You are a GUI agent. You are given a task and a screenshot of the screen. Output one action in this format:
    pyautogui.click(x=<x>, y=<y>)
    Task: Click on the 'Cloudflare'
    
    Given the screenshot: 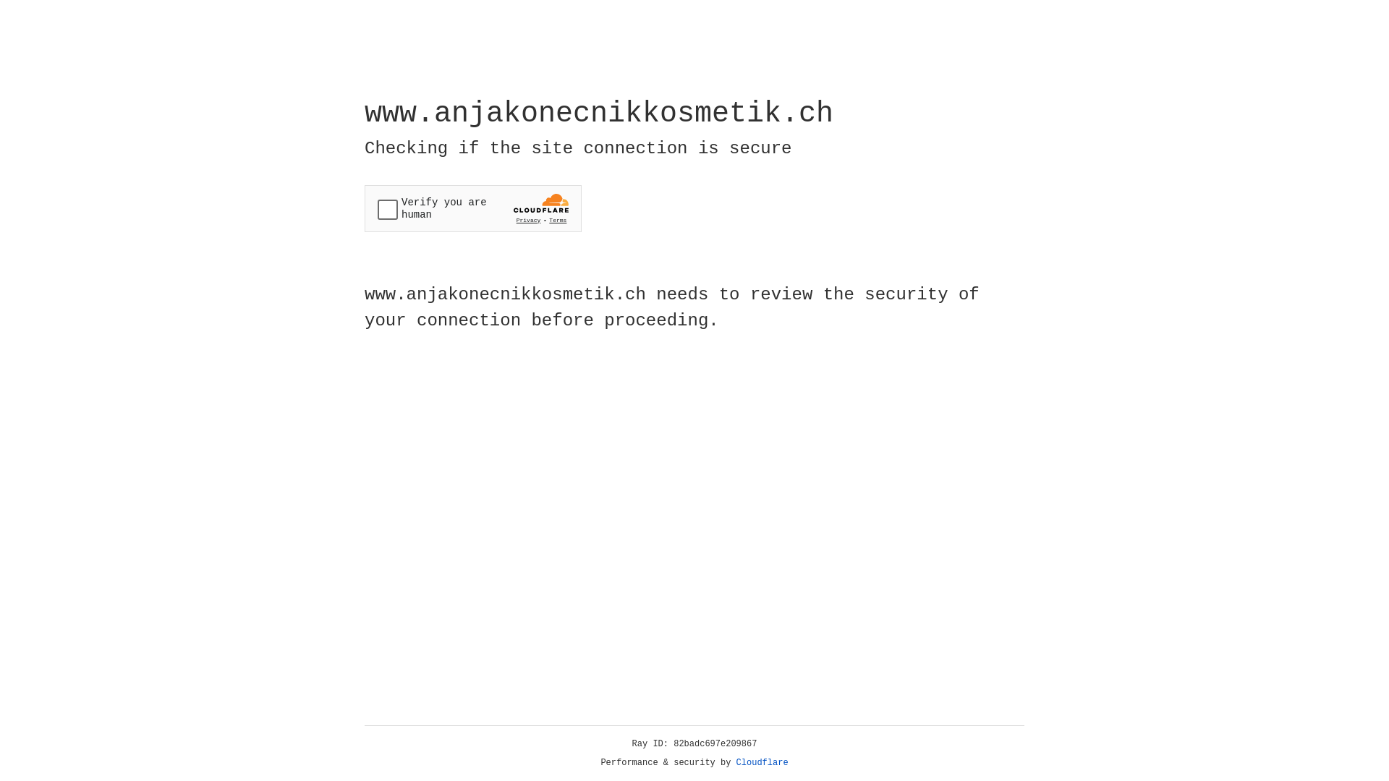 What is the action you would take?
    pyautogui.click(x=762, y=762)
    